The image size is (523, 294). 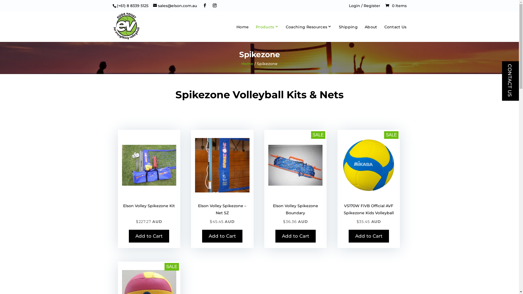 I want to click on 'Add to Cart', so click(x=369, y=236).